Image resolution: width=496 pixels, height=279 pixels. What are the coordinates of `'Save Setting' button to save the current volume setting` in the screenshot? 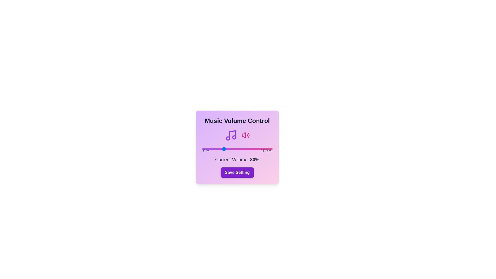 It's located at (237, 172).